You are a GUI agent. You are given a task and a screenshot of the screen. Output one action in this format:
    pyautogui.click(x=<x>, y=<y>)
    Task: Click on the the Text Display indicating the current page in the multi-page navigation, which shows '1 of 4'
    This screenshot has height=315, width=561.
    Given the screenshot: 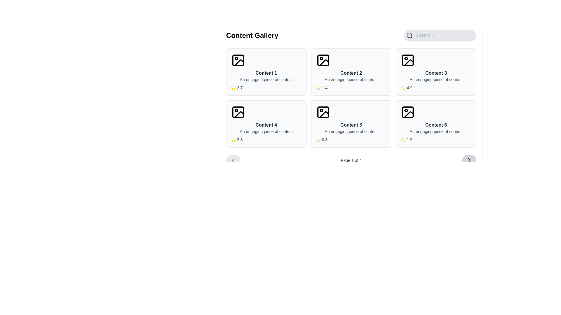 What is the action you would take?
    pyautogui.click(x=351, y=160)
    